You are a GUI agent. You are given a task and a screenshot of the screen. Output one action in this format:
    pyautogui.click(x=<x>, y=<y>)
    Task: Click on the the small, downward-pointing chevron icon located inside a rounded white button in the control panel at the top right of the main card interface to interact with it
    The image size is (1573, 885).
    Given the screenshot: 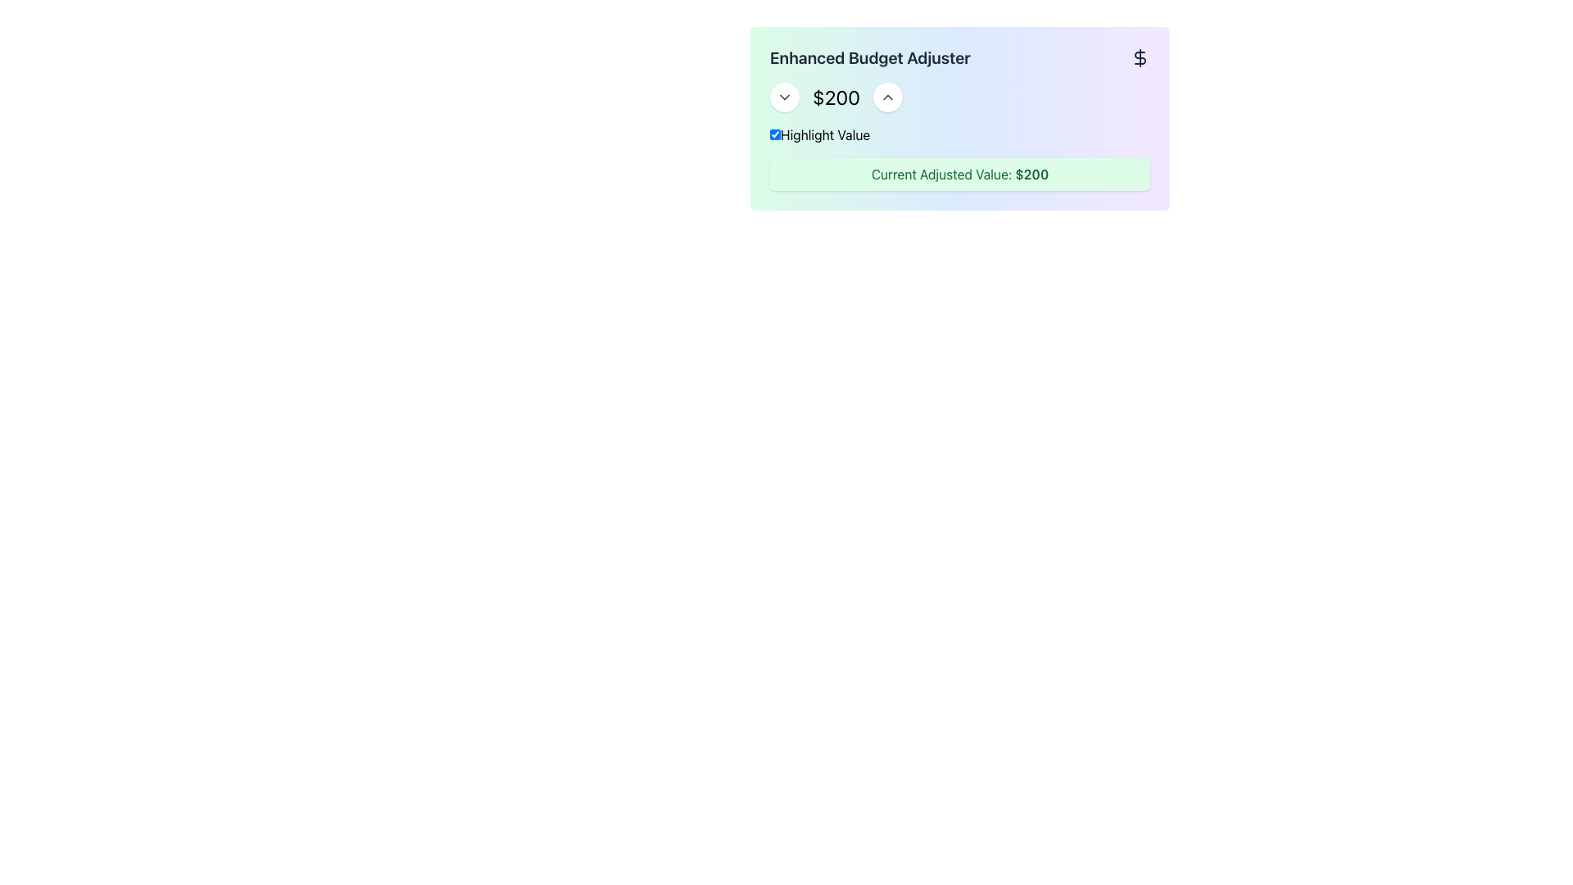 What is the action you would take?
    pyautogui.click(x=784, y=98)
    